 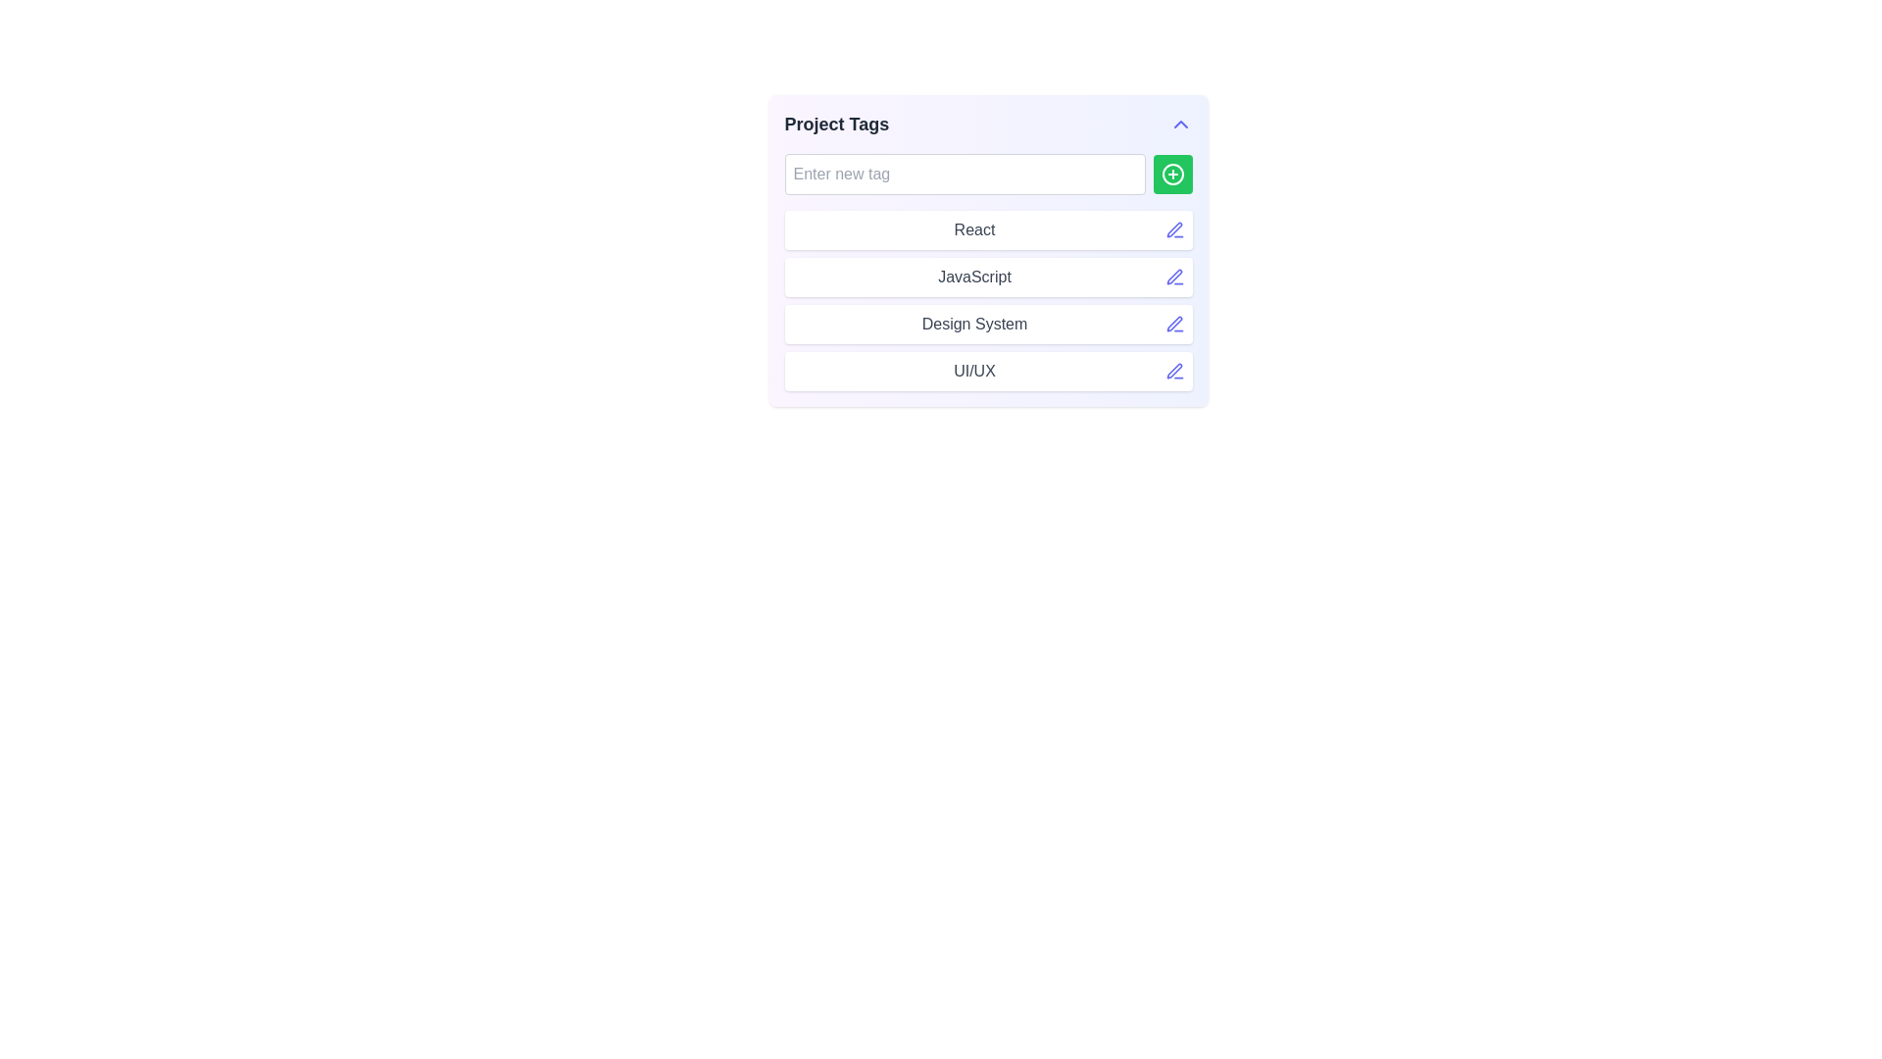 What do you see at coordinates (988, 301) in the screenshot?
I see `the 'JavaScript' tag in the Project Tags section` at bounding box center [988, 301].